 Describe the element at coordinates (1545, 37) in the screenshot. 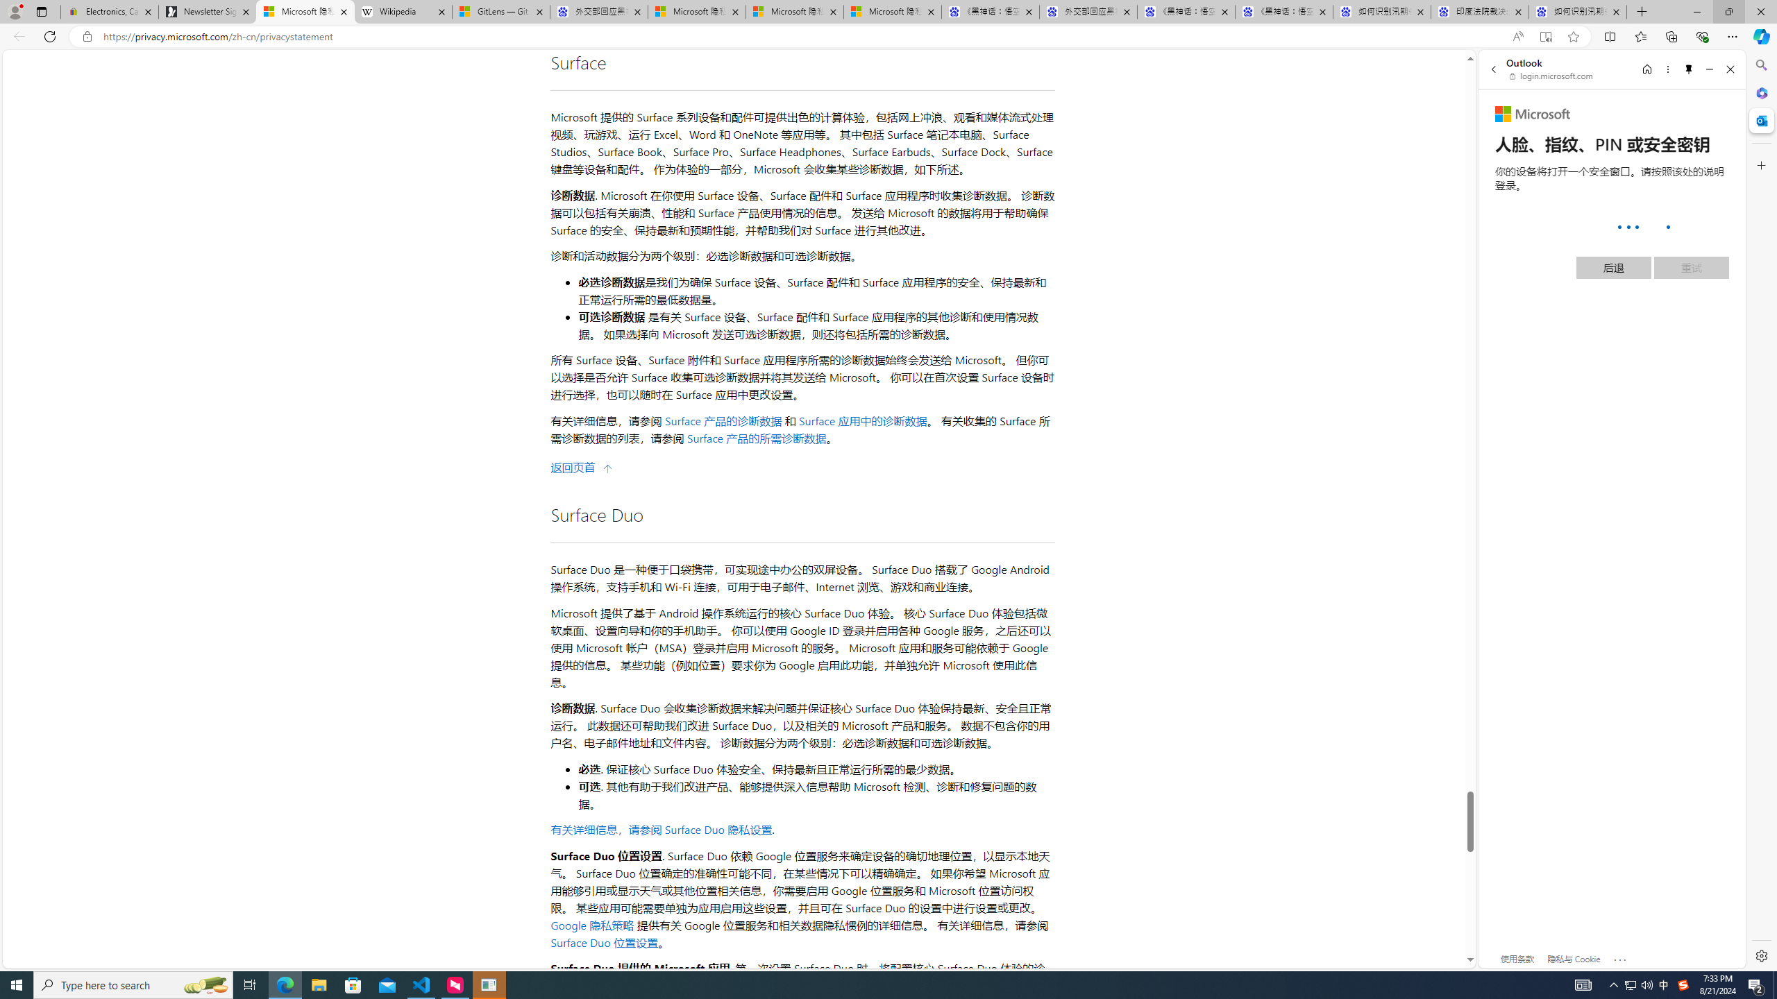

I see `'Enter Immersive Reader (F9)'` at that location.